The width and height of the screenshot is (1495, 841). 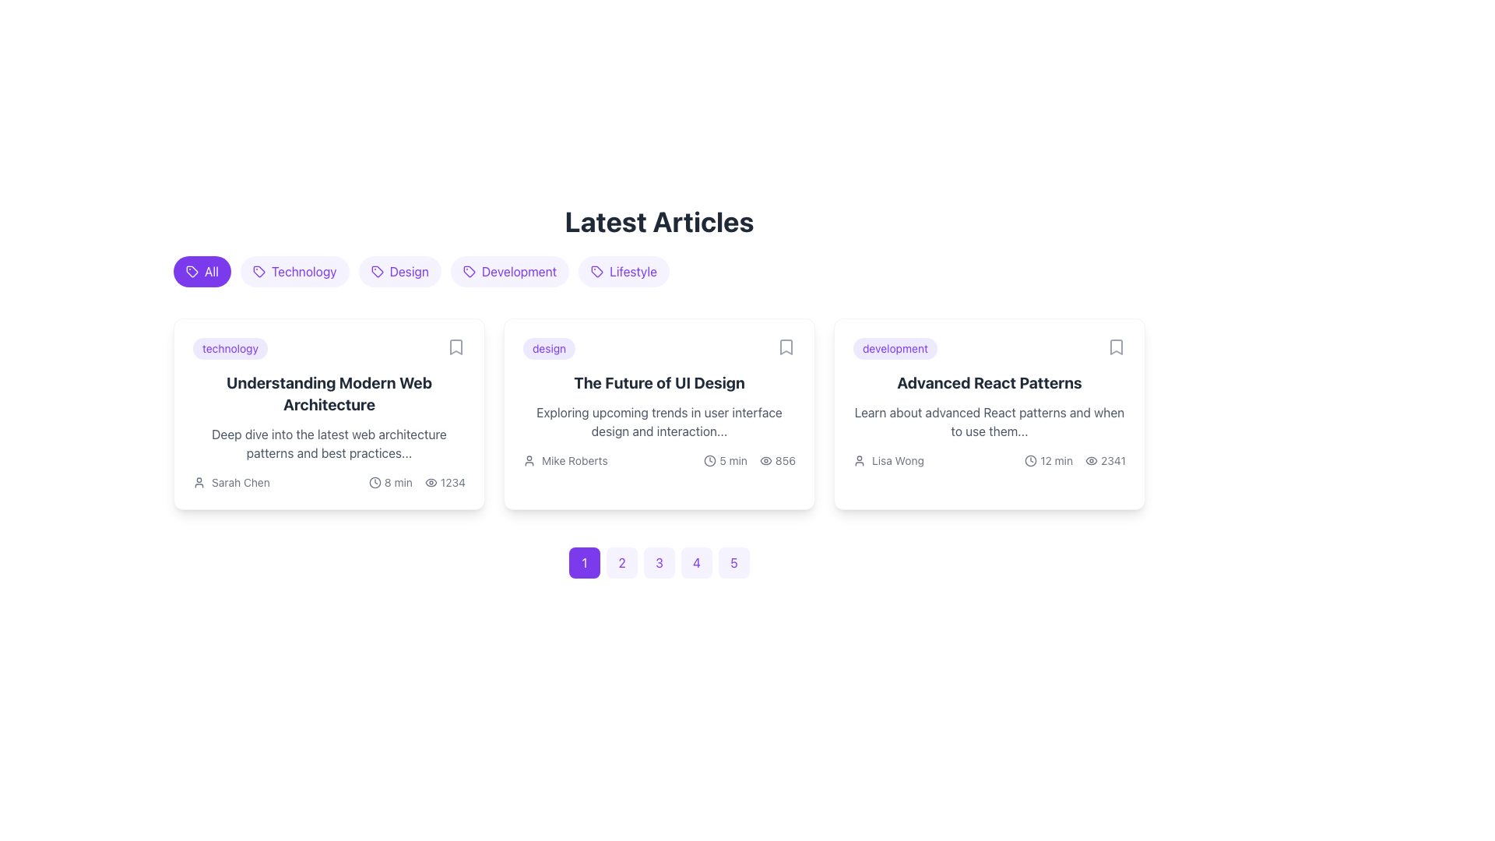 What do you see at coordinates (989, 422) in the screenshot?
I see `text summarizing the content of the article titled 'Advanced React Patterns', which is located in the third article card below the title and above the author's name` at bounding box center [989, 422].